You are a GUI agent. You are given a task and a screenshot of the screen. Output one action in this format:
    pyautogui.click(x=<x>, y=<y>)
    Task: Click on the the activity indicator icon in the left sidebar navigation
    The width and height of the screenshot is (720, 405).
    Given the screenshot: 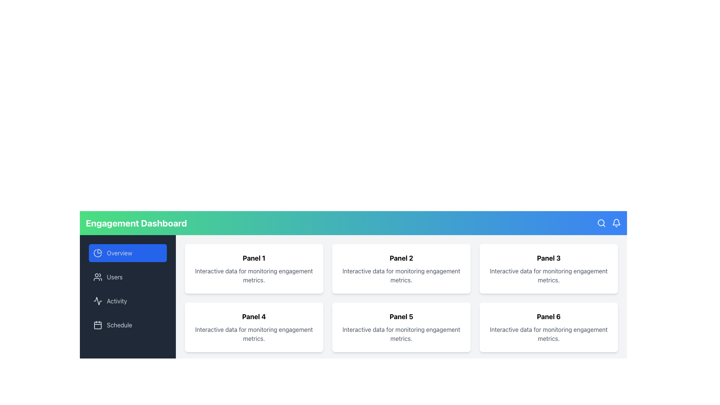 What is the action you would take?
    pyautogui.click(x=97, y=300)
    